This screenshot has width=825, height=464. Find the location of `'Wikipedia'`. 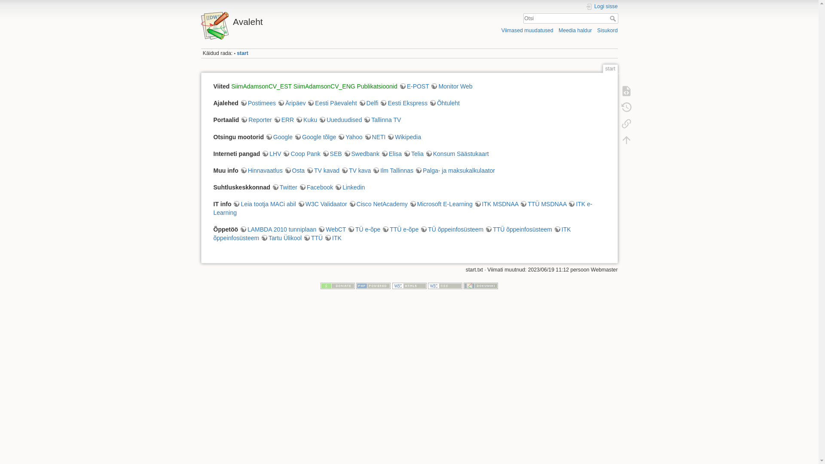

'Wikipedia' is located at coordinates (403, 137).